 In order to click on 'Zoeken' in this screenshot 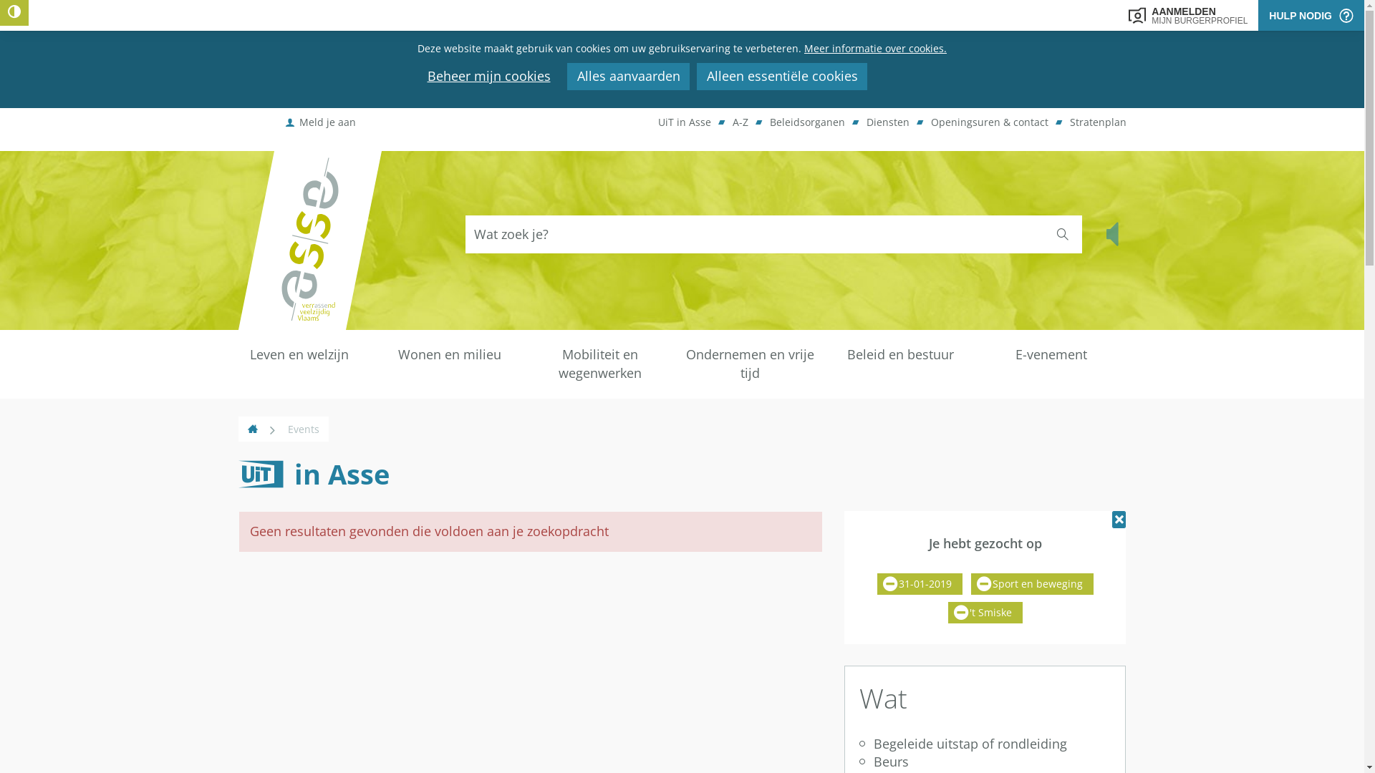, I will do `click(1063, 233)`.